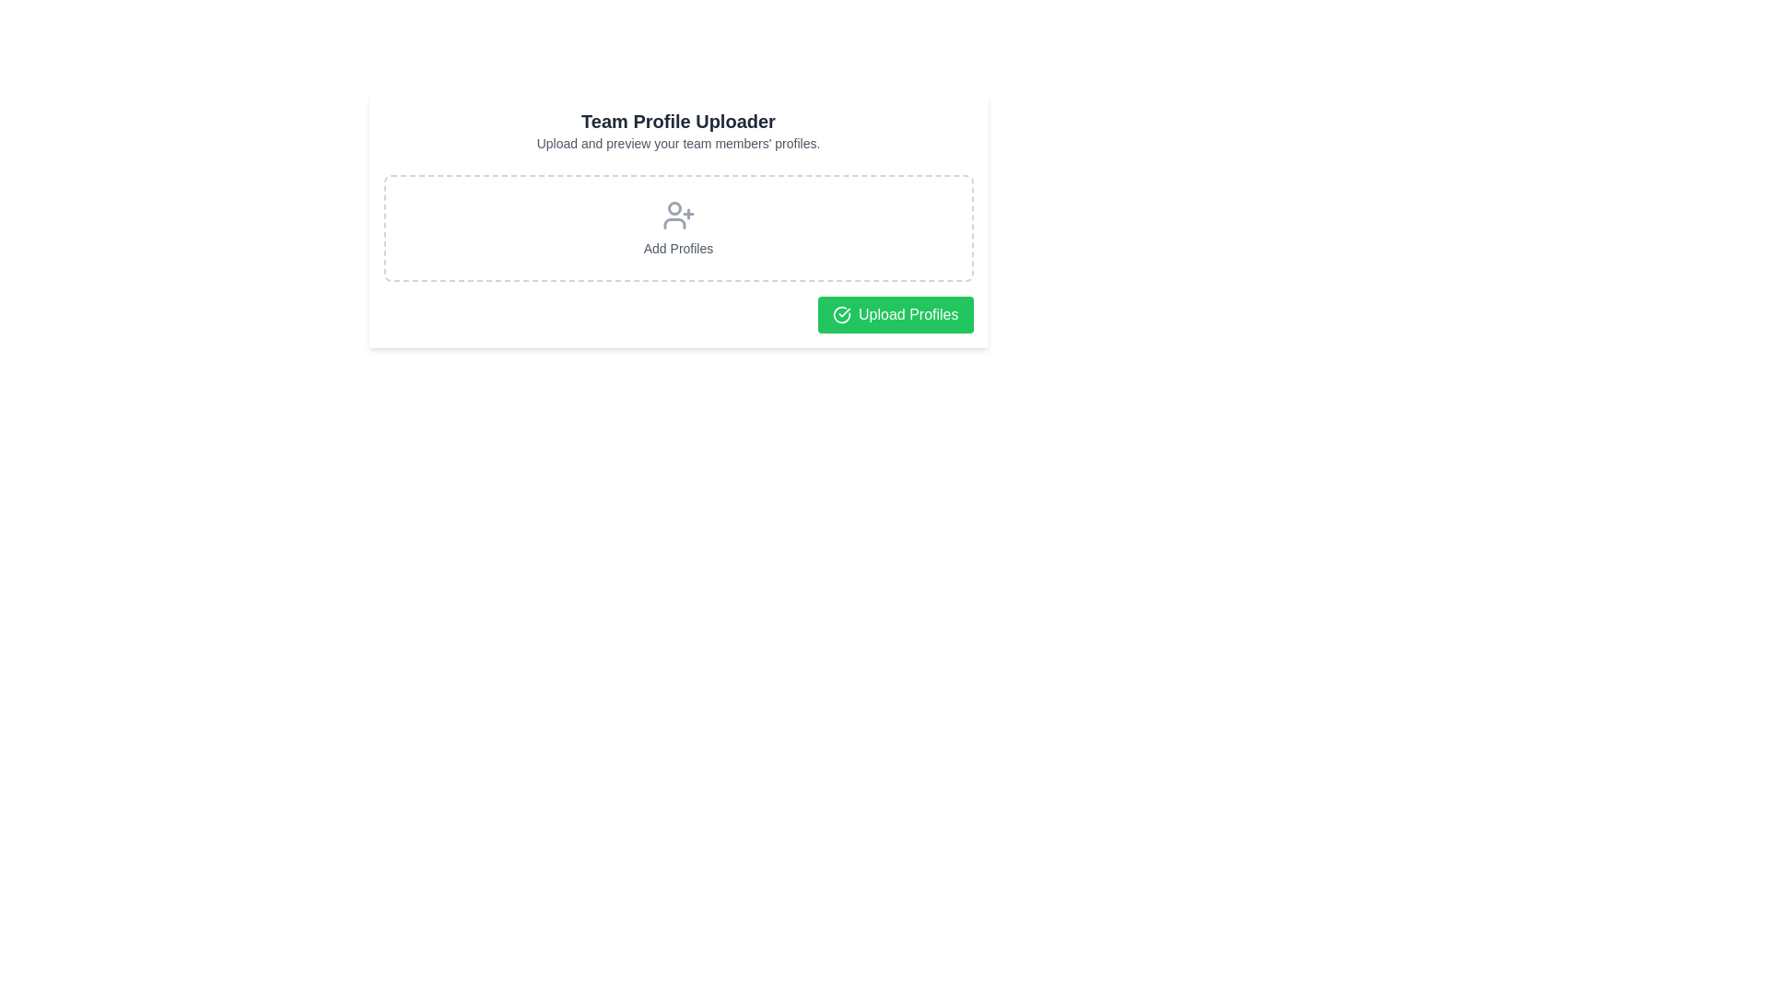 Image resolution: width=1769 pixels, height=995 pixels. Describe the element at coordinates (677, 121) in the screenshot. I see `the title text element that serves as a heading, providing a clear indication of the section's purpose, located at the top of the interface above the description text line 'Upload and preview your team members' profiles'` at that location.